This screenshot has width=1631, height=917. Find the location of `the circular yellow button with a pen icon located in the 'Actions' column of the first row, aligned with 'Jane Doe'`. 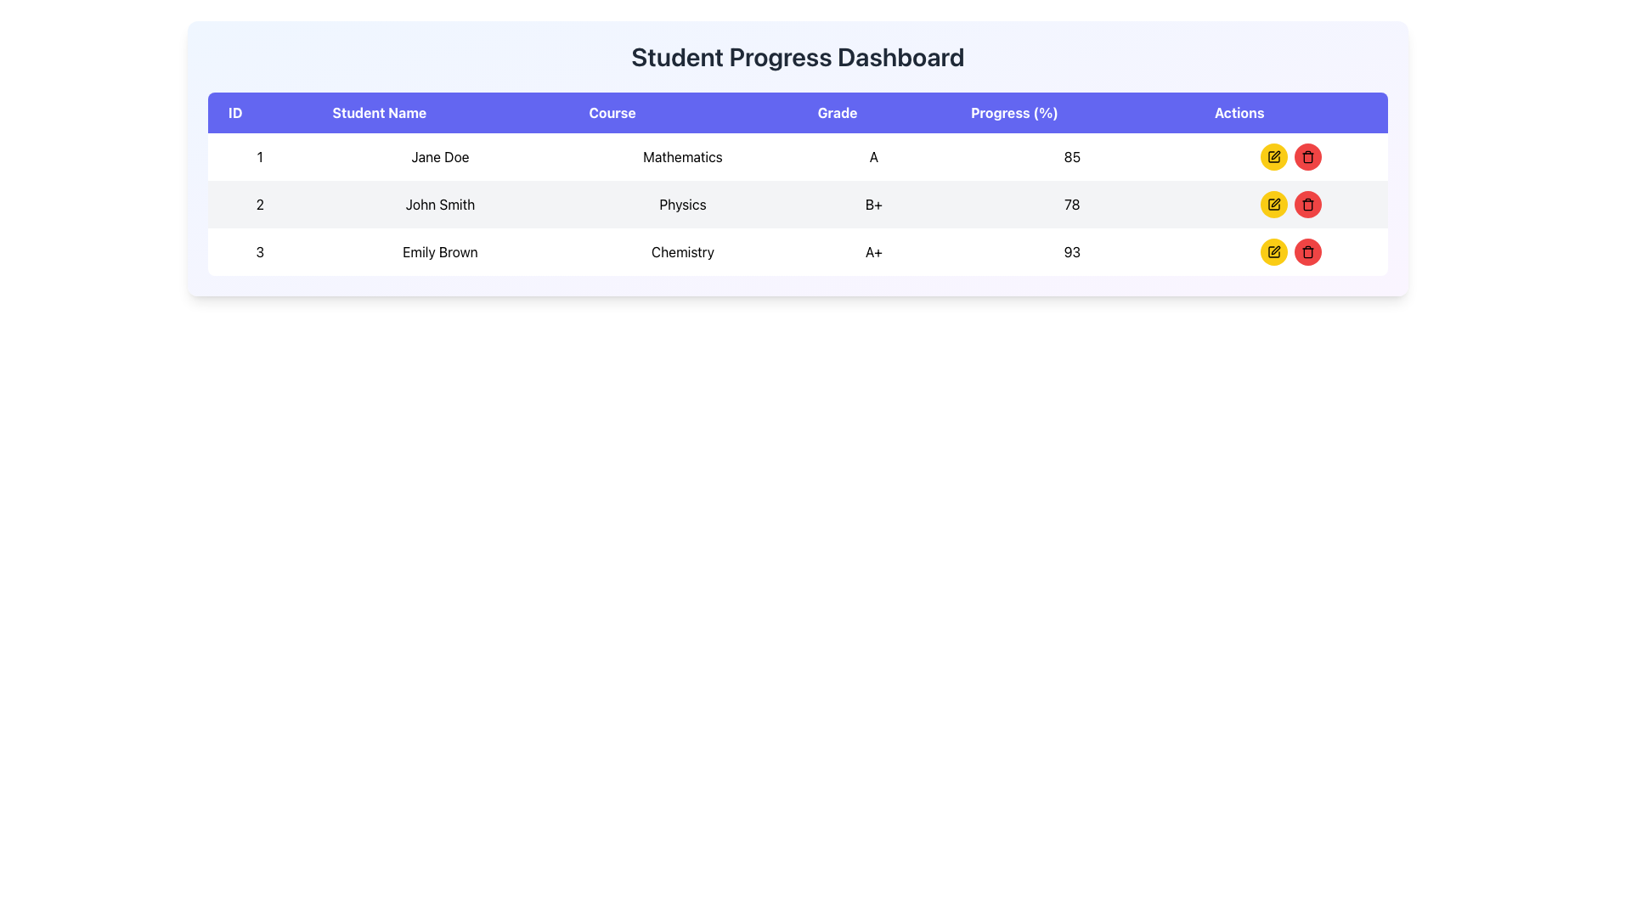

the circular yellow button with a pen icon located in the 'Actions' column of the first row, aligned with 'Jane Doe' is located at coordinates (1273, 157).